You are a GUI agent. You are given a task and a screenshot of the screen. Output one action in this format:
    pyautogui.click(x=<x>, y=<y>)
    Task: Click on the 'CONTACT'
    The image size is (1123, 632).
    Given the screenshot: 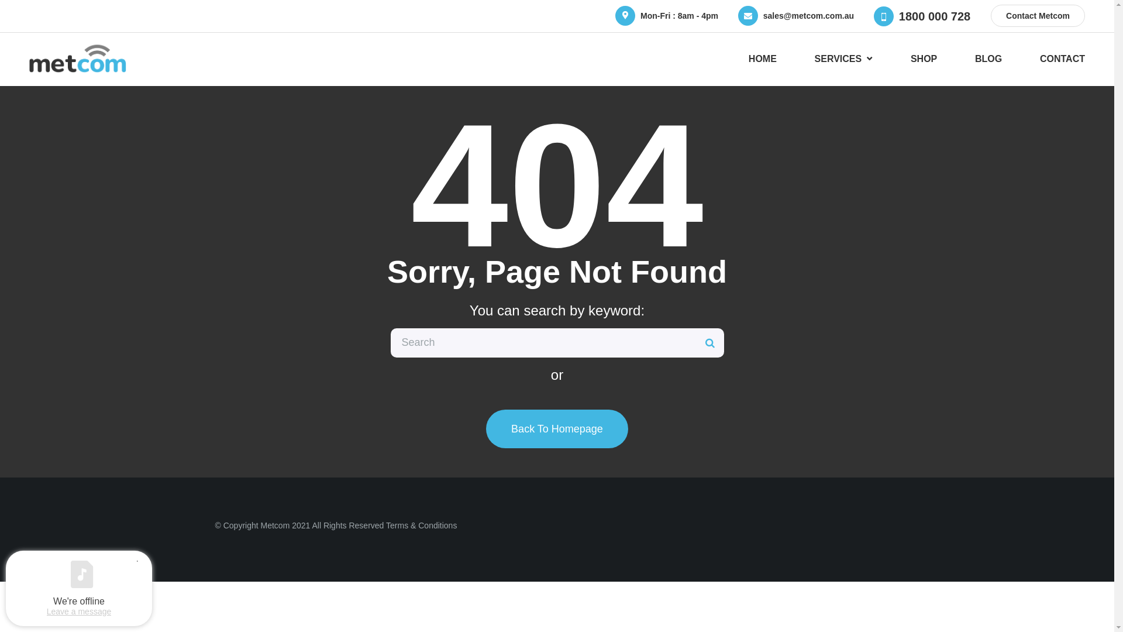 What is the action you would take?
    pyautogui.click(x=1062, y=59)
    